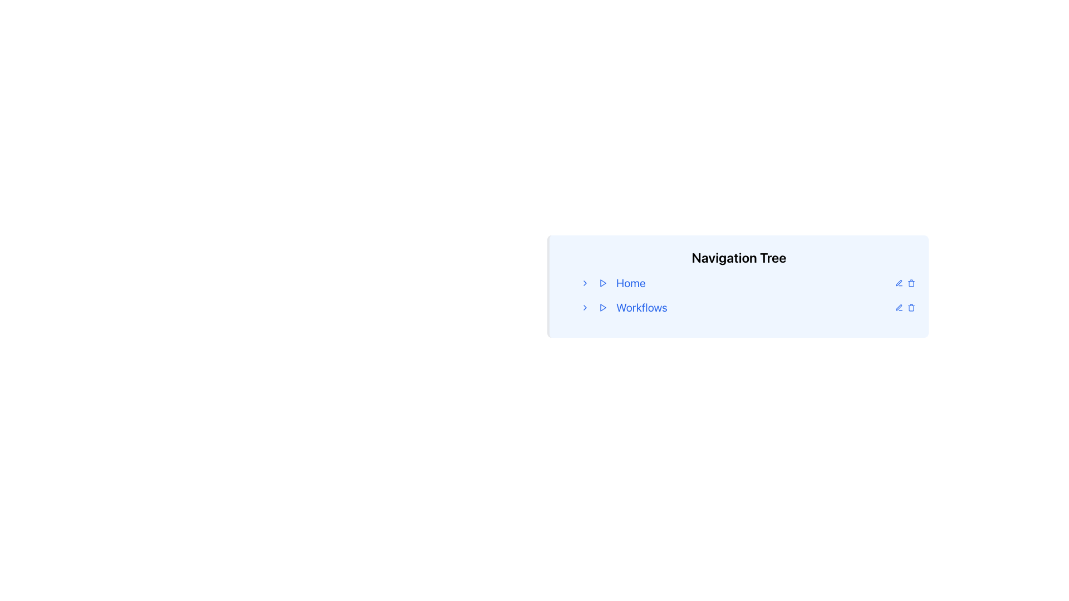 The image size is (1069, 601). What do you see at coordinates (630, 283) in the screenshot?
I see `the 'Home' text element, which is styled in blue and underlined on hover` at bounding box center [630, 283].